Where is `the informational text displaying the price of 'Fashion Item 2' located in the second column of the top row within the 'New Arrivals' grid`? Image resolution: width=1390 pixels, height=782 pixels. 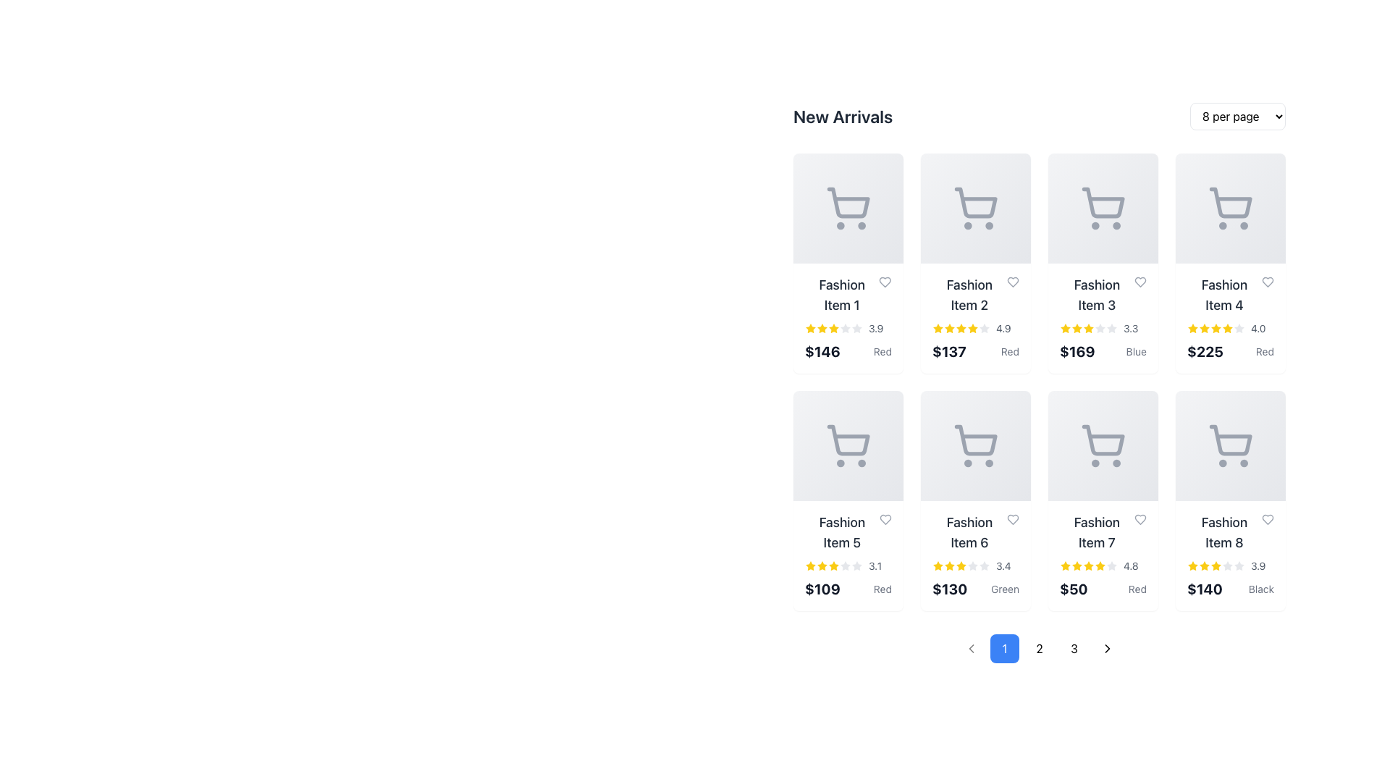 the informational text displaying the price of 'Fashion Item 2' located in the second column of the top row within the 'New Arrivals' grid is located at coordinates (949, 352).